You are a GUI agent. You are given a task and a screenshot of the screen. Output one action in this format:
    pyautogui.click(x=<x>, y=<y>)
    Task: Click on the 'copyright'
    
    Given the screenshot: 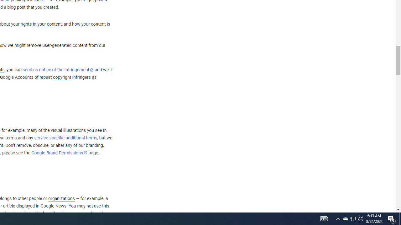 What is the action you would take?
    pyautogui.click(x=62, y=77)
    